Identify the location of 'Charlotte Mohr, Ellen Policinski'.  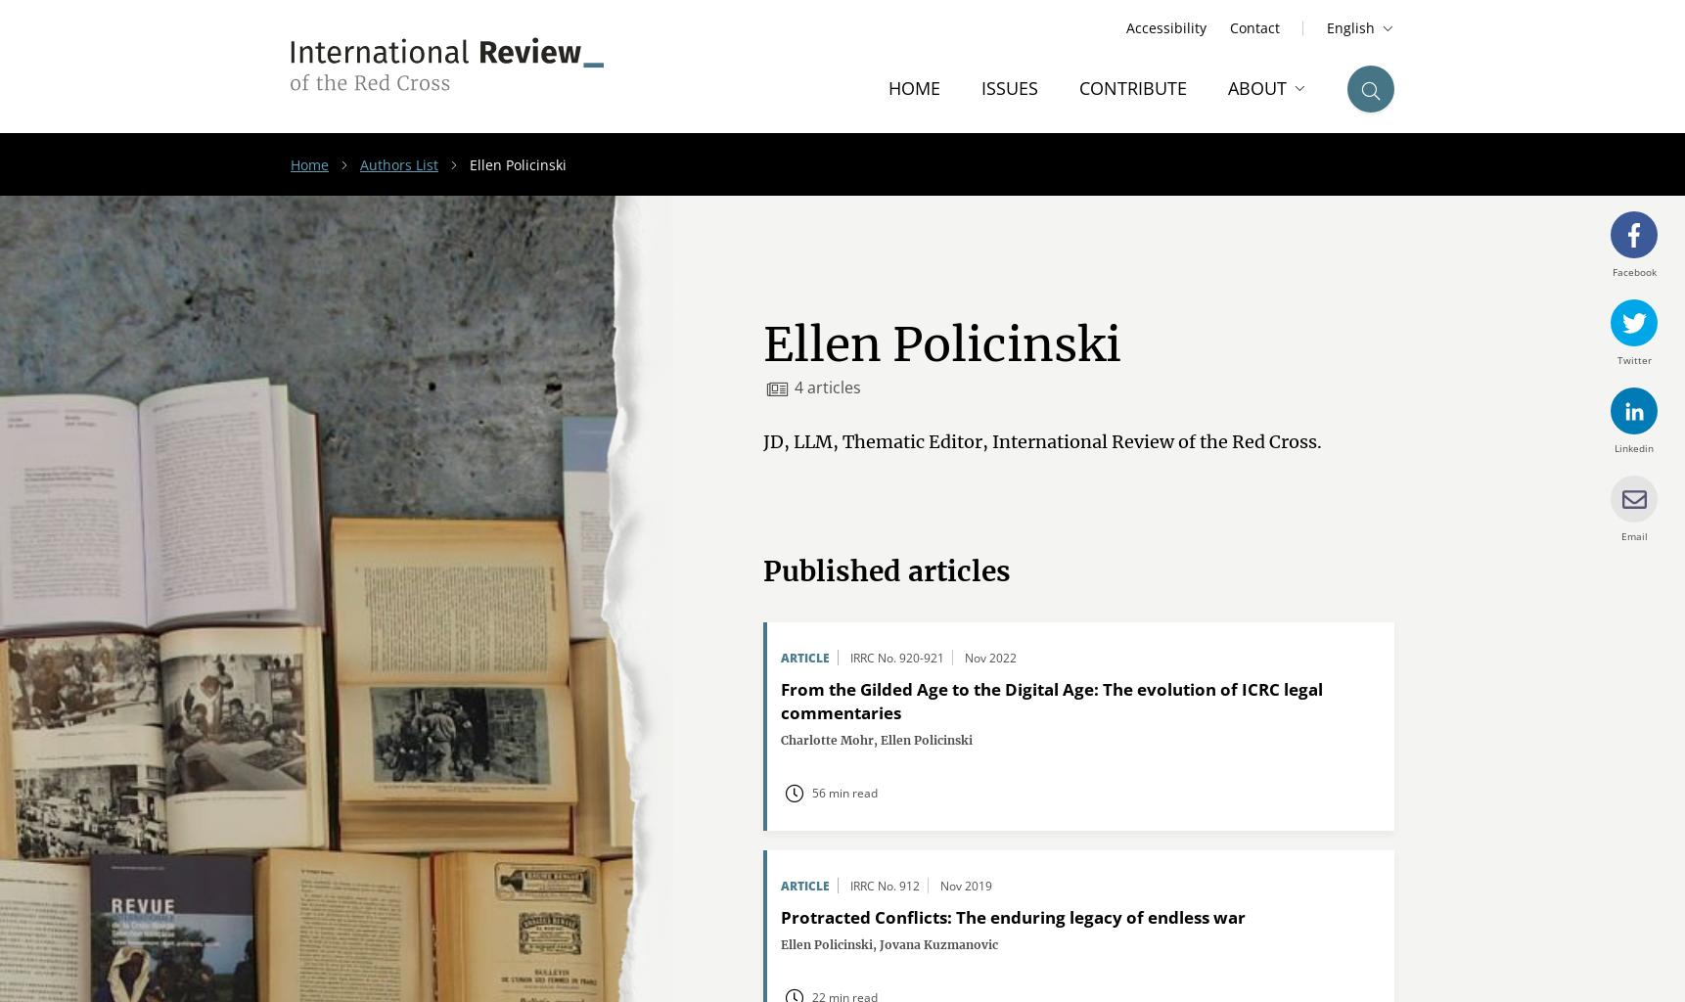
(876, 739).